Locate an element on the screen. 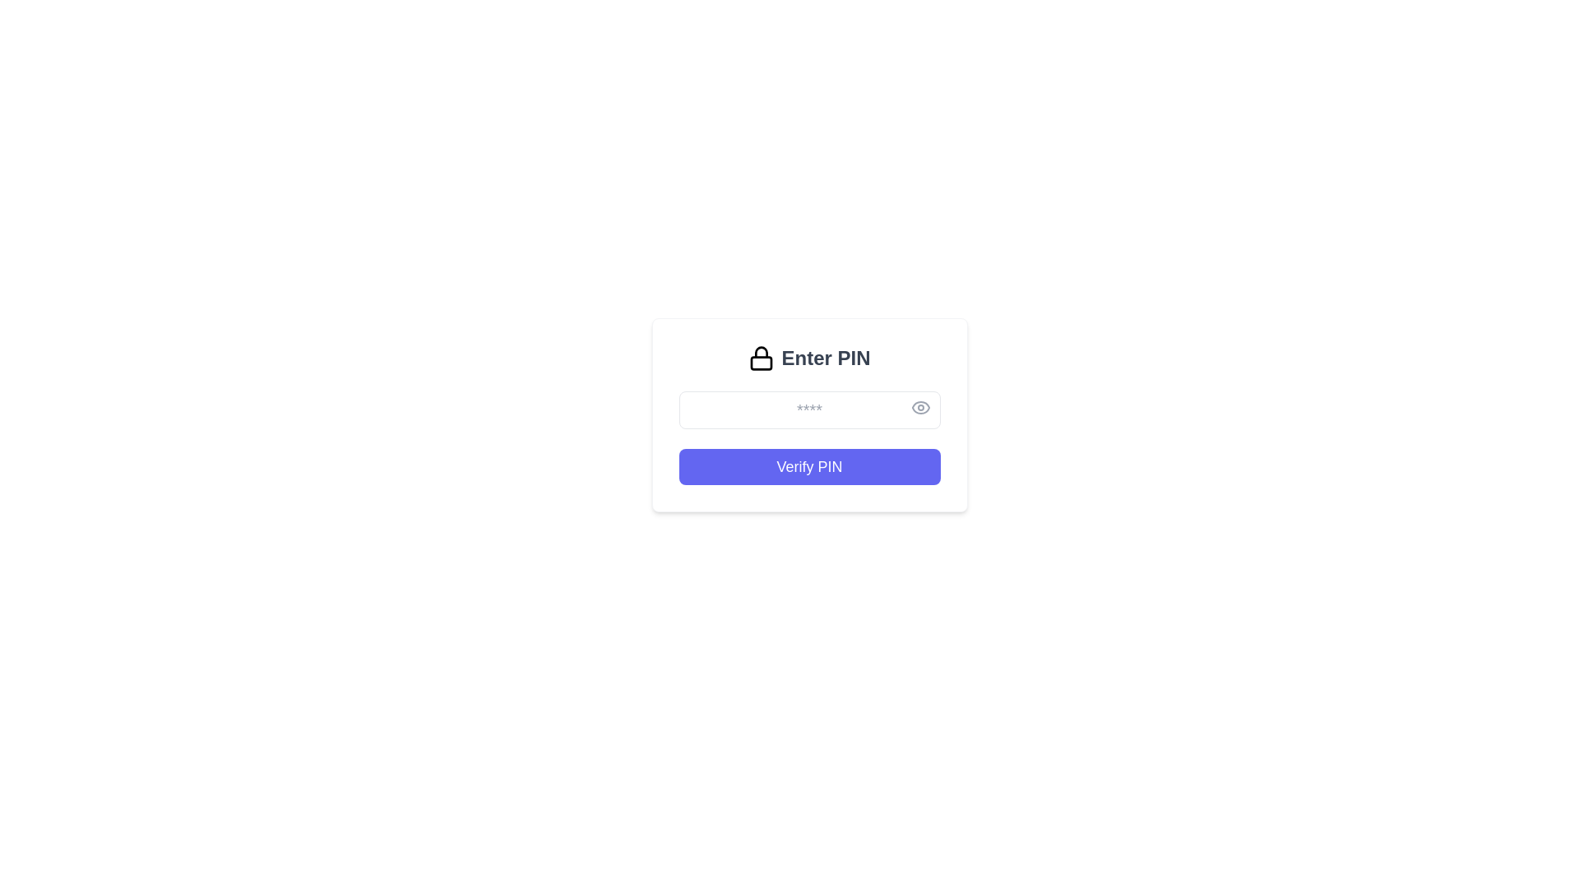 The image size is (1579, 888). the static text element that instructs the user to 'Enter PIN', which is positioned above the input field within a white card-like area is located at coordinates (809, 357).